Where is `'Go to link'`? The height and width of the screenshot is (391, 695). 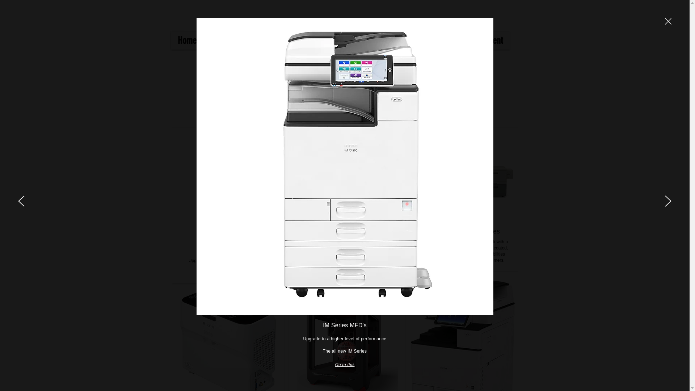
'Go to link' is located at coordinates (344, 364).